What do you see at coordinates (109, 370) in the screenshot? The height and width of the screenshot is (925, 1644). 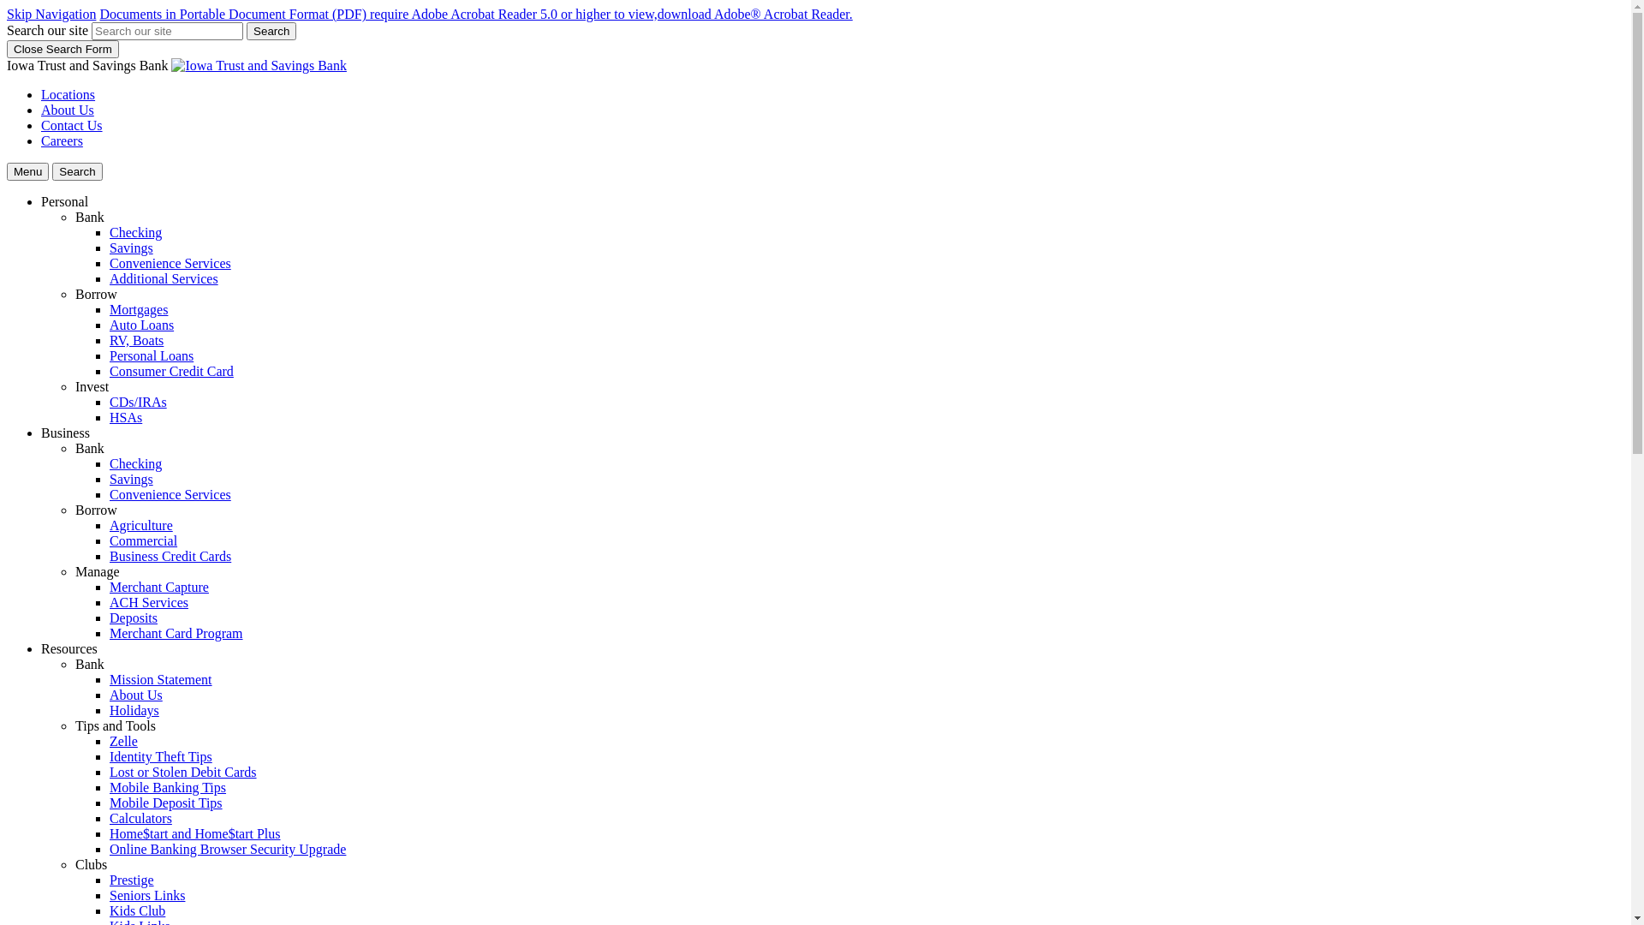 I see `'Consumer Credit Card'` at bounding box center [109, 370].